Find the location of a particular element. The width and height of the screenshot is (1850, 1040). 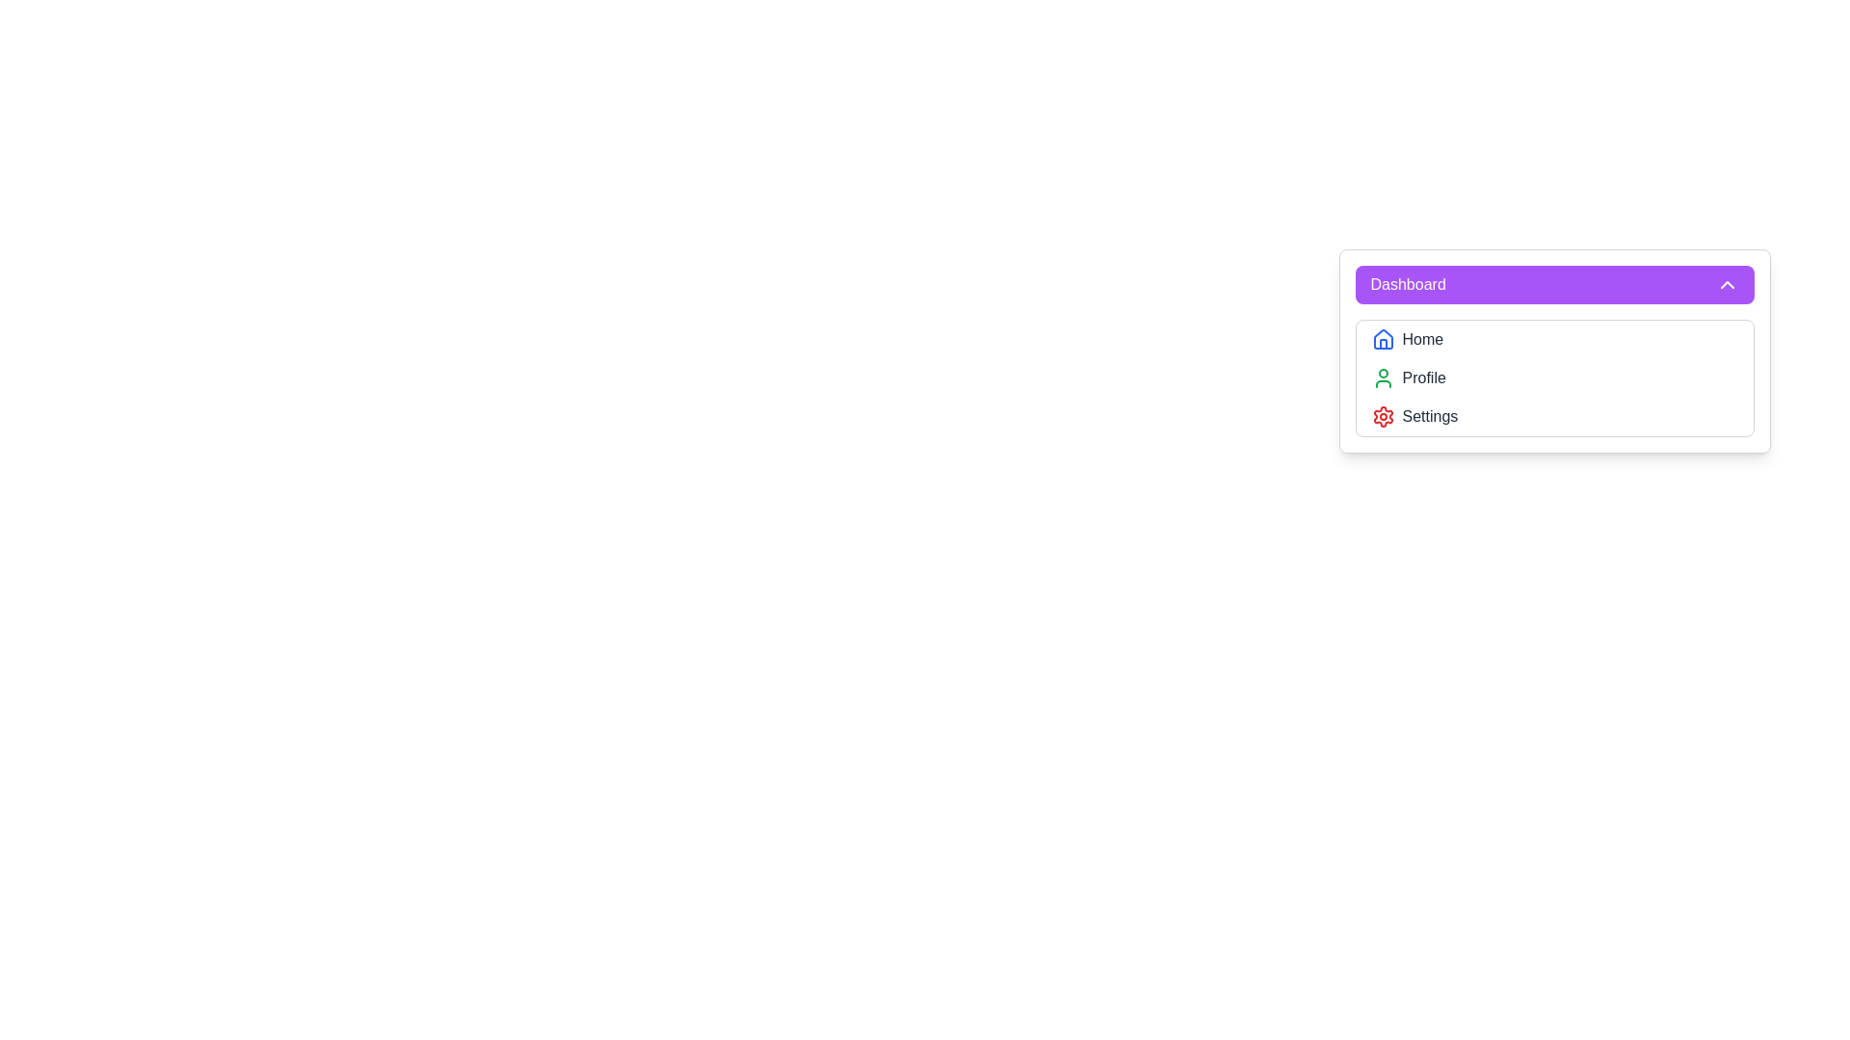

the icon for collapsing or expanding the menu associated with the 'Dashboard' header, located towards the far right edge of the purple header bar labeled 'Dashboard' is located at coordinates (1727, 285).